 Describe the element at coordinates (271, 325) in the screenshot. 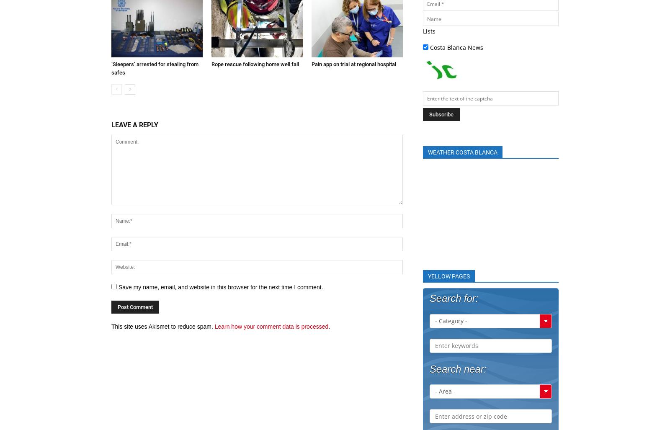

I see `'Learn how your comment data is processed'` at that location.